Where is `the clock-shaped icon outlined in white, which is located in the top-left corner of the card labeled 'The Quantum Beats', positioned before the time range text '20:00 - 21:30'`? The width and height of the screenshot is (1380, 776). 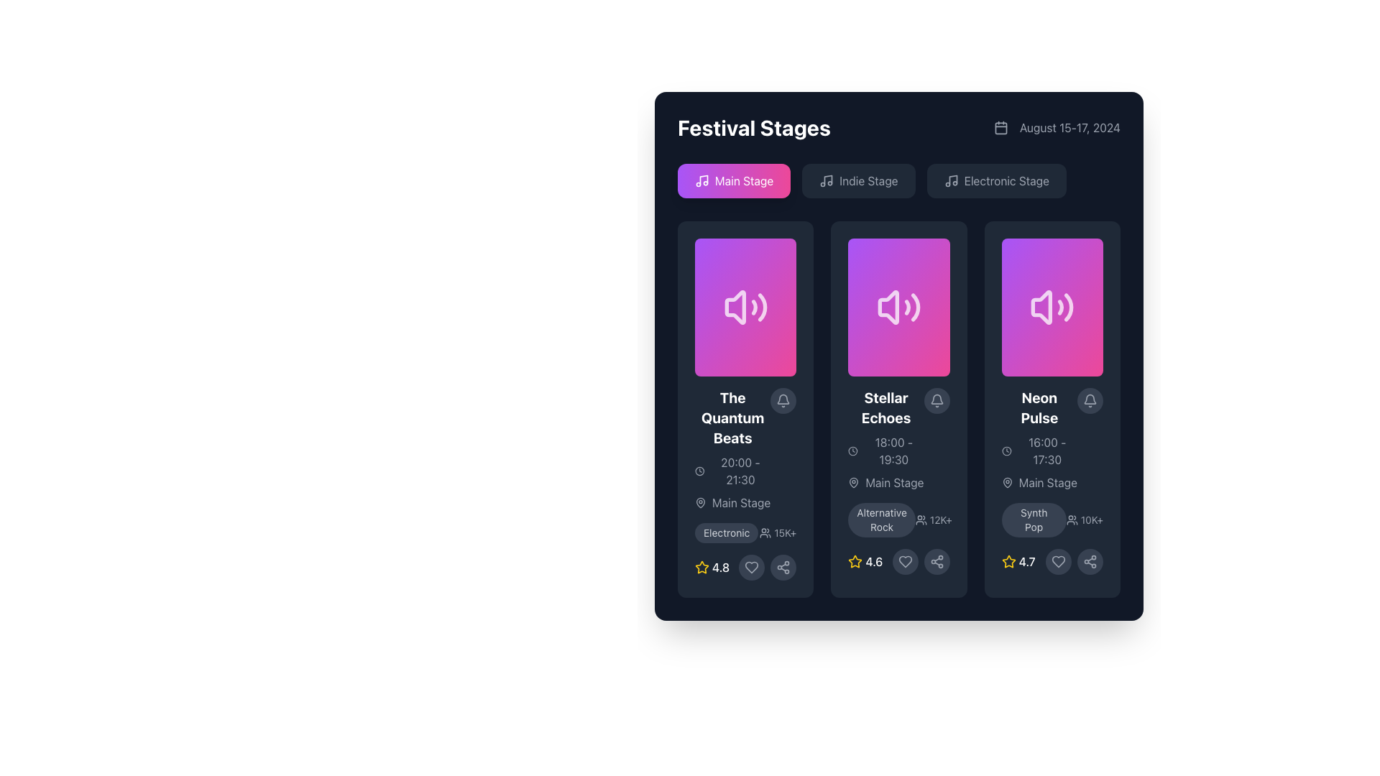
the clock-shaped icon outlined in white, which is located in the top-left corner of the card labeled 'The Quantum Beats', positioned before the time range text '20:00 - 21:30' is located at coordinates (699, 471).